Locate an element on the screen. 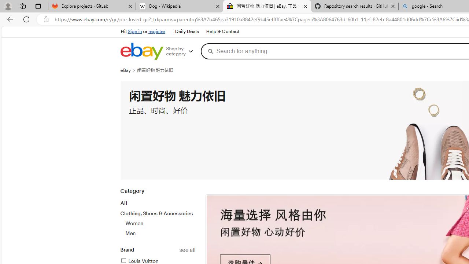  'All' is located at coordinates (123, 203).